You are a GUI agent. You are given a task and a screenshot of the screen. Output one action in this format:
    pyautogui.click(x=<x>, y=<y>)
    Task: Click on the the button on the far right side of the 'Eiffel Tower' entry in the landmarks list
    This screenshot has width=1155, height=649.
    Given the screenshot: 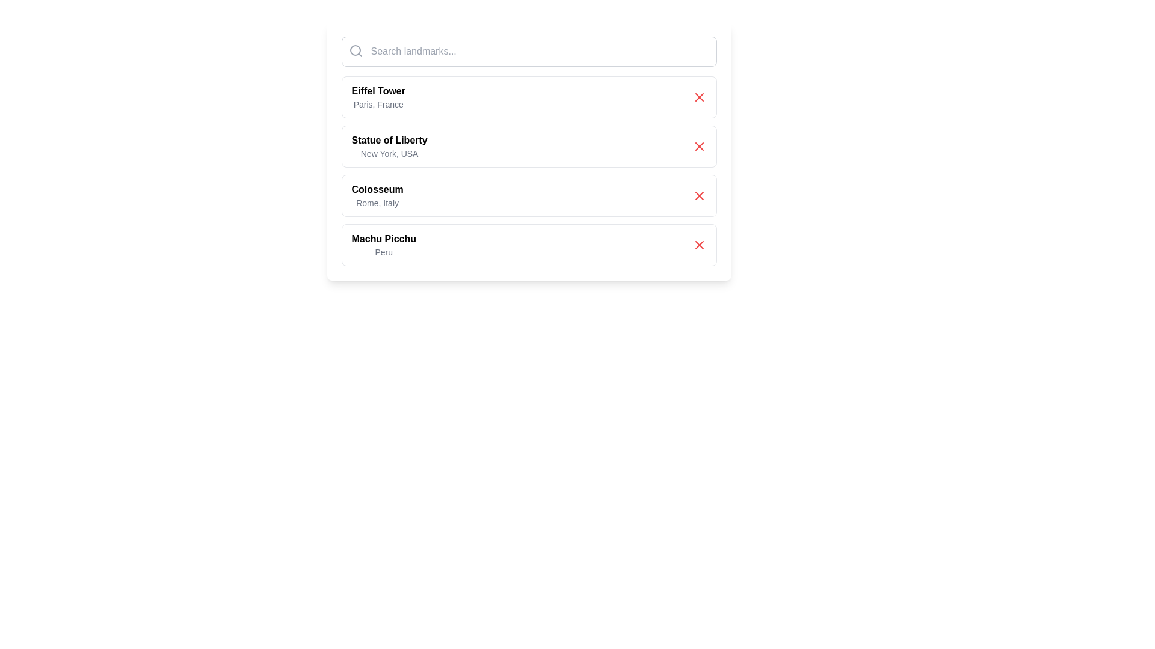 What is the action you would take?
    pyautogui.click(x=699, y=97)
    